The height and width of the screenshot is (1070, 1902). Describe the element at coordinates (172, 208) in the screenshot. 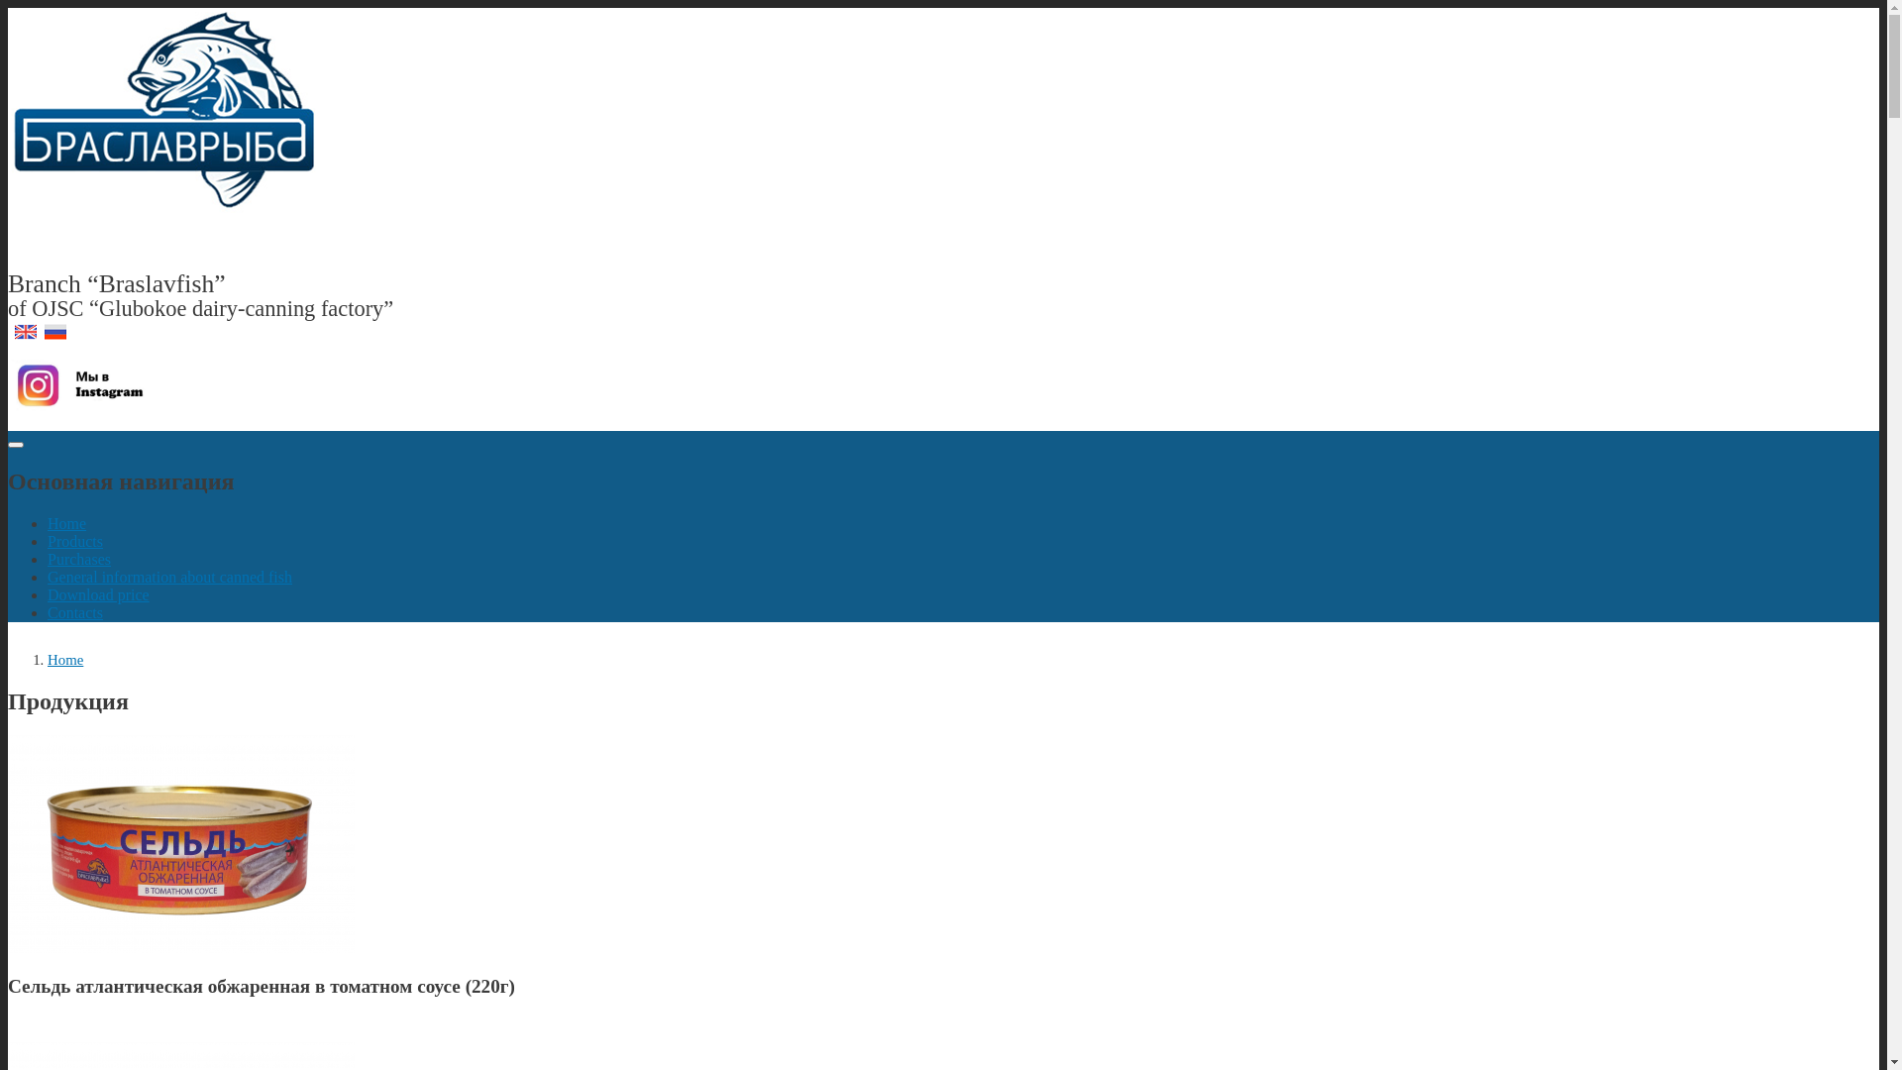

I see `'Home'` at that location.